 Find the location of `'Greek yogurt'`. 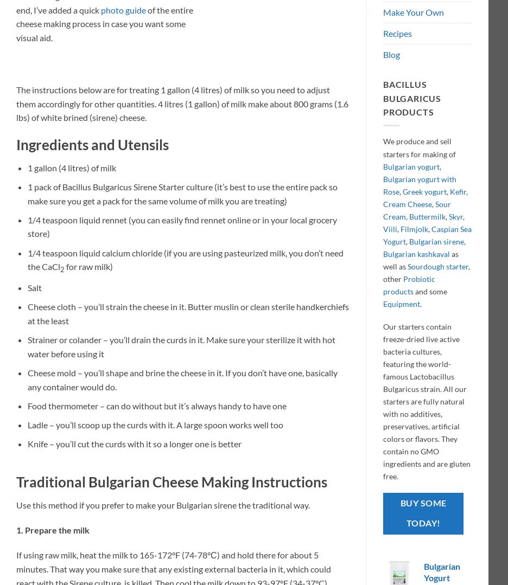

'Greek yogurt' is located at coordinates (402, 191).